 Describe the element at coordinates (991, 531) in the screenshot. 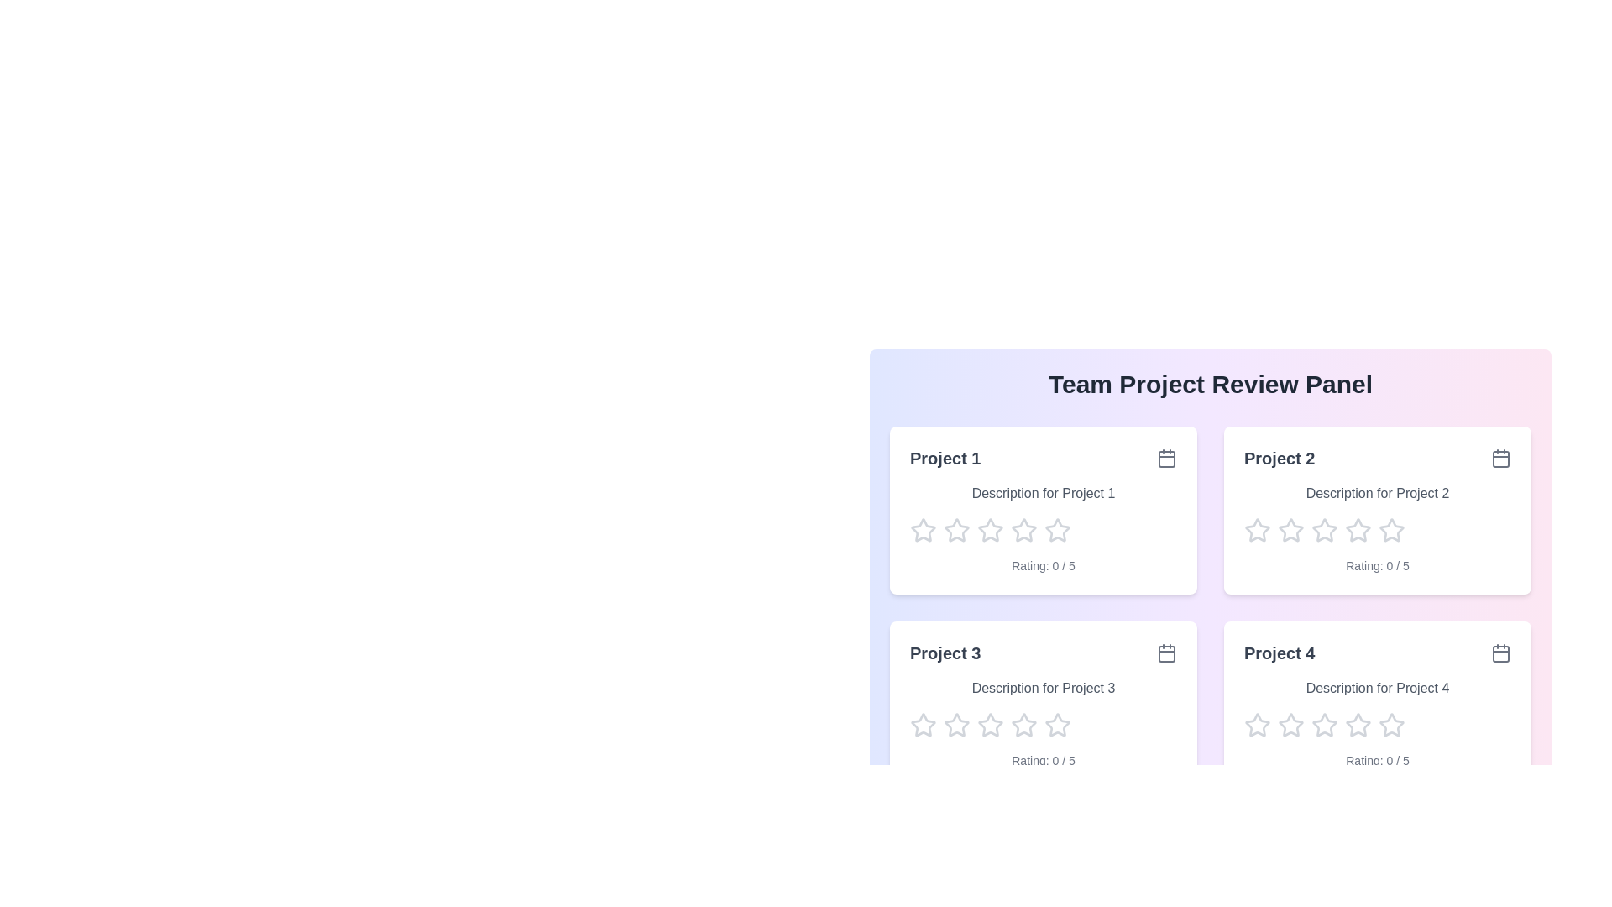

I see `the star corresponding to 3 to preview the rating effect` at that location.